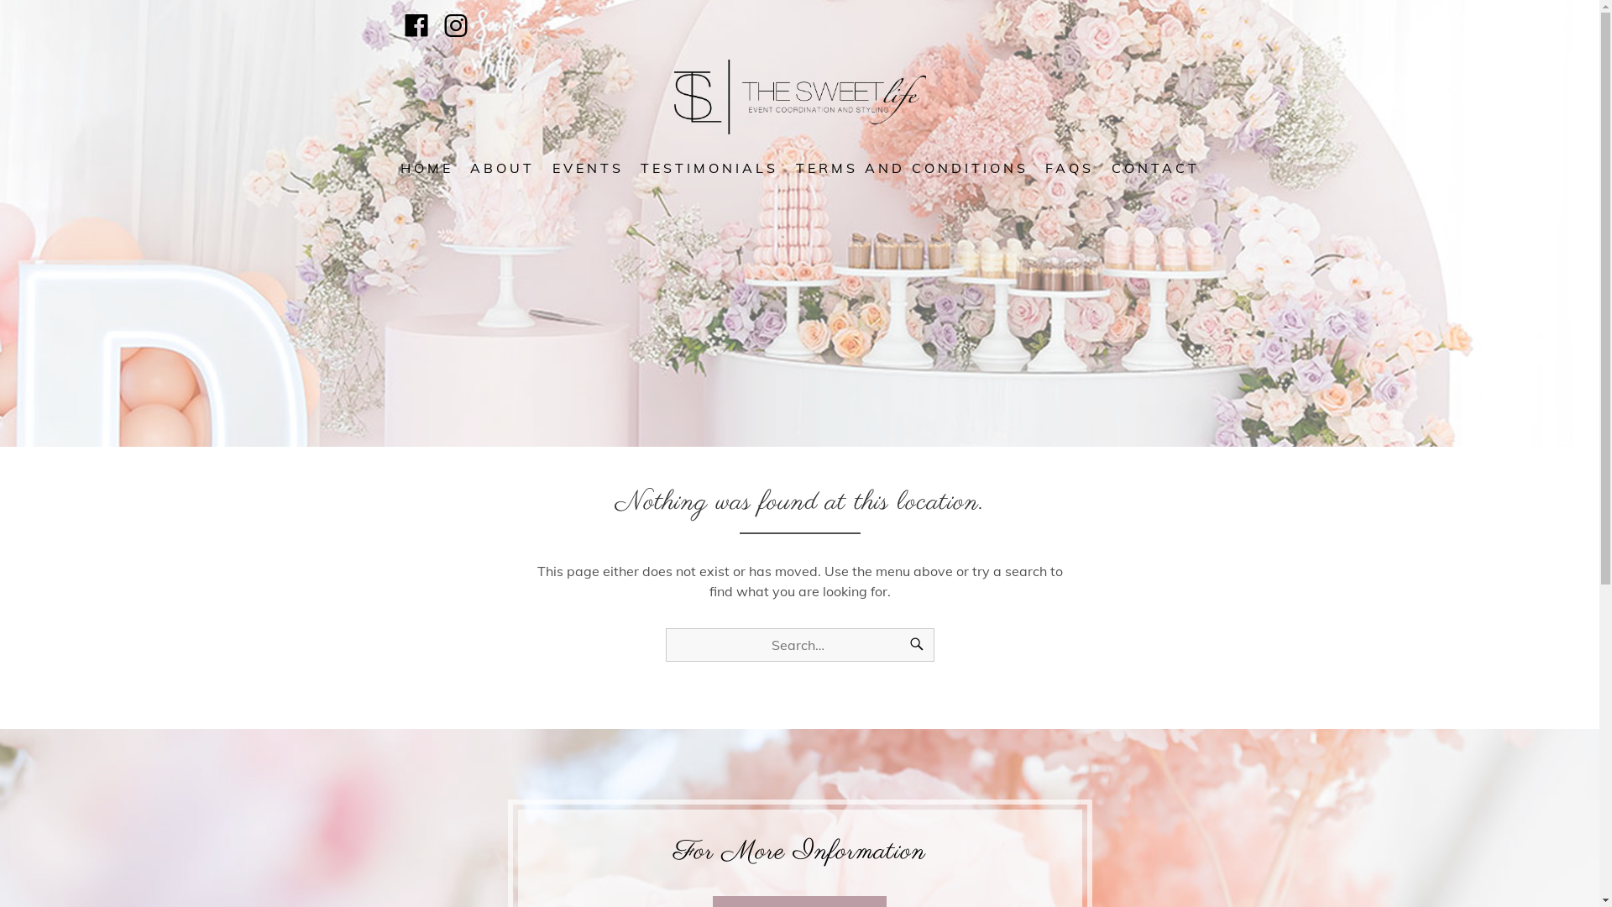 The width and height of the screenshot is (1612, 907). Describe the element at coordinates (1154, 168) in the screenshot. I see `'CONTACT'` at that location.